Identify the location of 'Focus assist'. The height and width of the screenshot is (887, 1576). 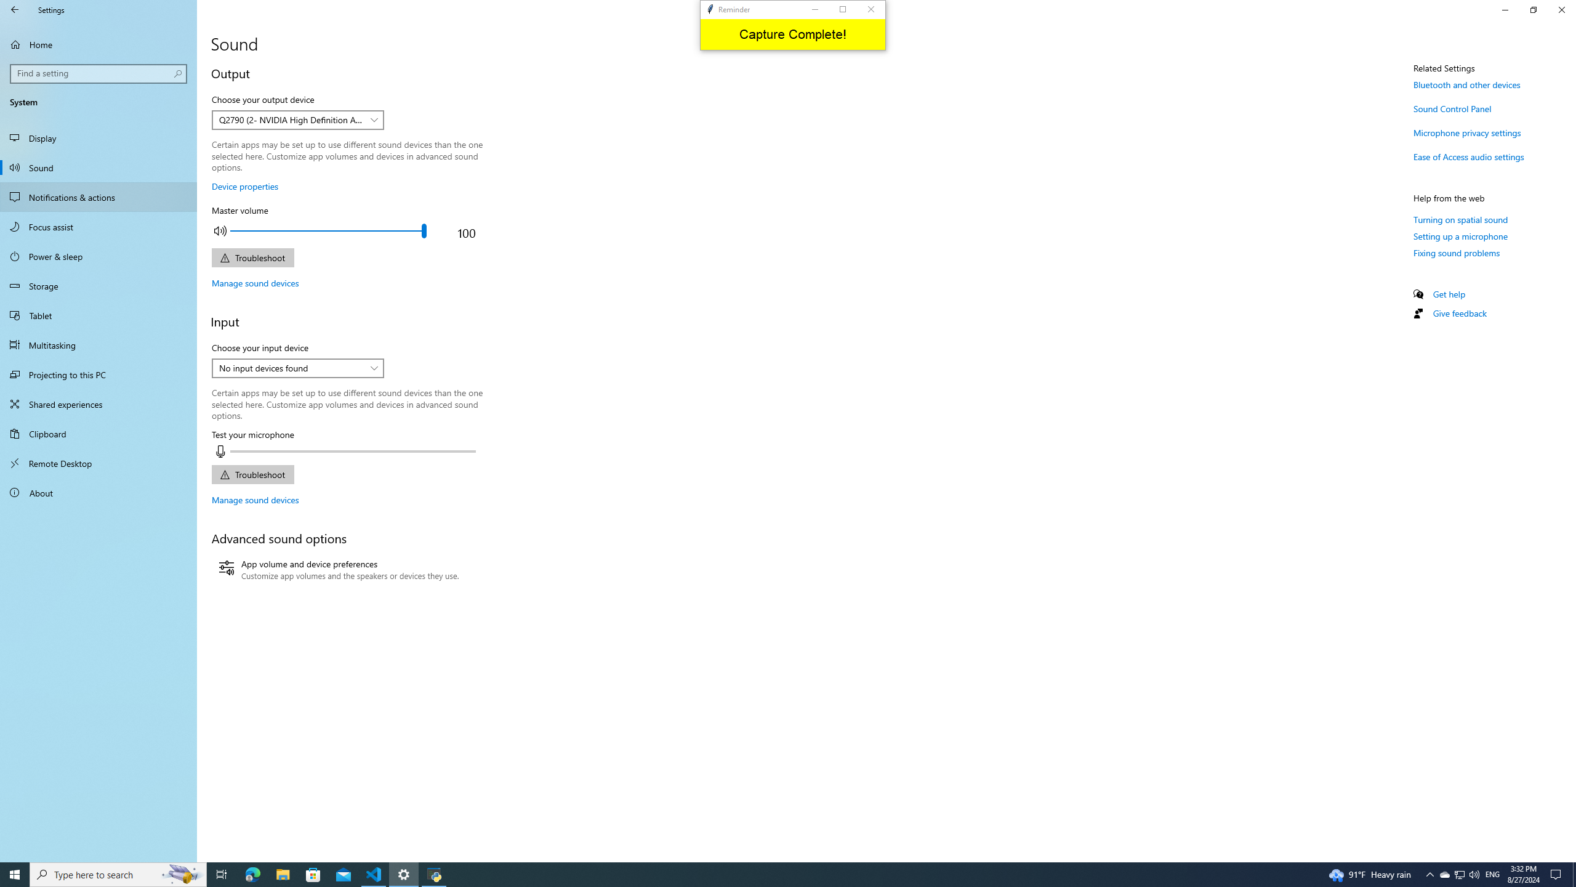
(98, 226).